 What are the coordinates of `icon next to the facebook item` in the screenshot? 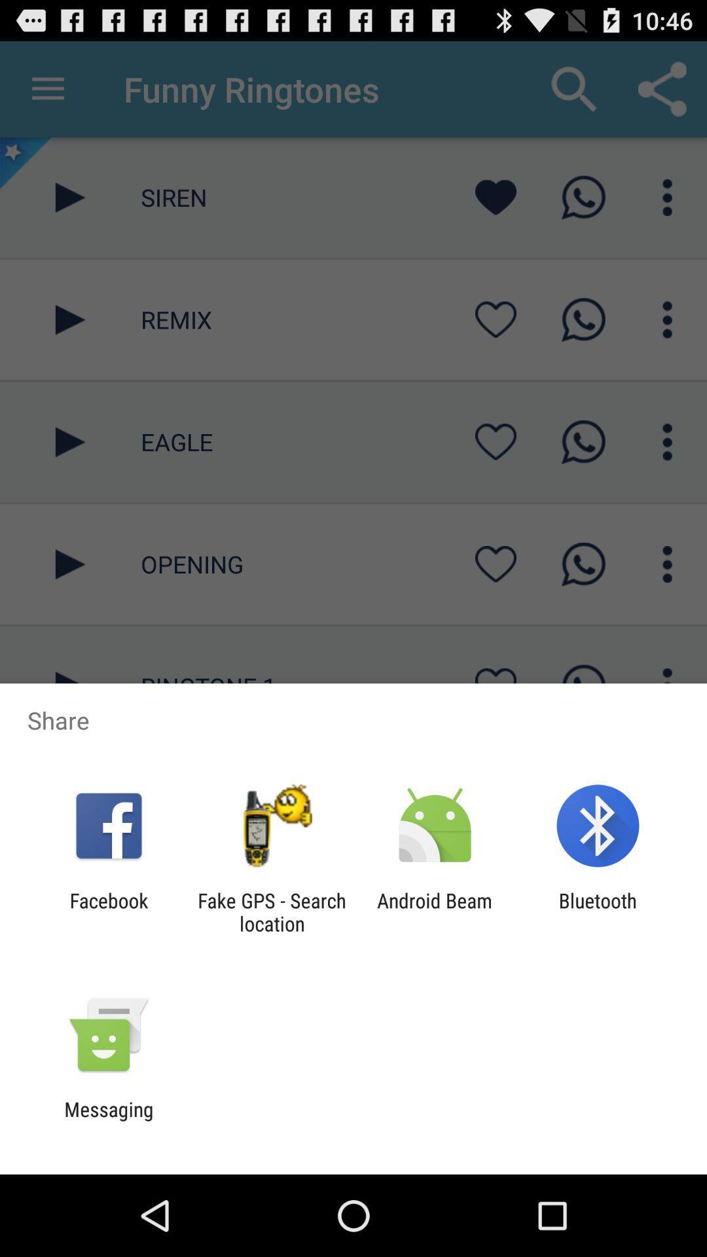 It's located at (271, 911).